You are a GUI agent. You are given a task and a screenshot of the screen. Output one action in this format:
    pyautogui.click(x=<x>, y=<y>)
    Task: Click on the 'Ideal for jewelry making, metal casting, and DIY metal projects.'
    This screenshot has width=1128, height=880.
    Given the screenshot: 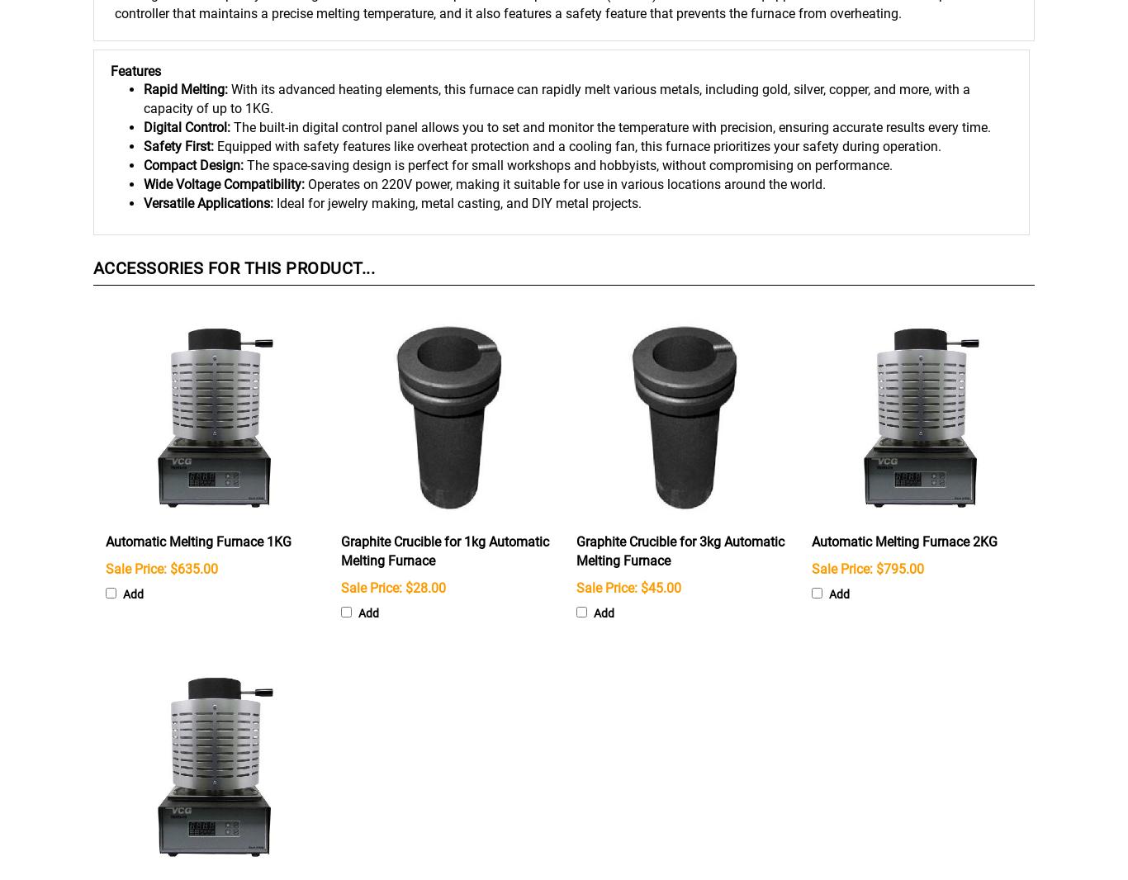 What is the action you would take?
    pyautogui.click(x=458, y=201)
    